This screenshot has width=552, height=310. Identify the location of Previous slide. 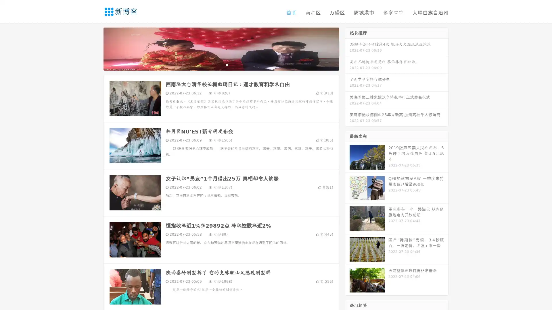
(95, 48).